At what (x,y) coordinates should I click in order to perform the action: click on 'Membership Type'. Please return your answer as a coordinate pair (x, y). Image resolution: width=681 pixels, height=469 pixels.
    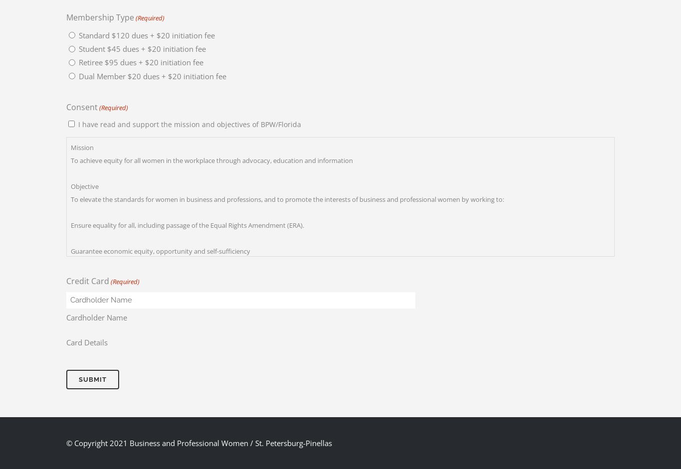
    Looking at the image, I should click on (99, 16).